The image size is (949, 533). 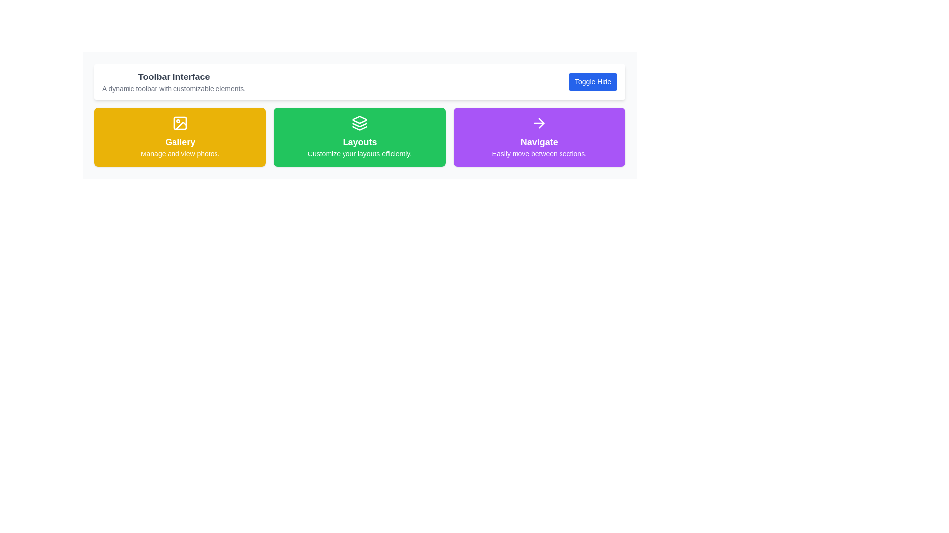 What do you see at coordinates (180, 154) in the screenshot?
I see `the descriptive text label located centrally within the yellow card labeled 'Gallery', which provides subtext for the 'Gallery' section` at bounding box center [180, 154].